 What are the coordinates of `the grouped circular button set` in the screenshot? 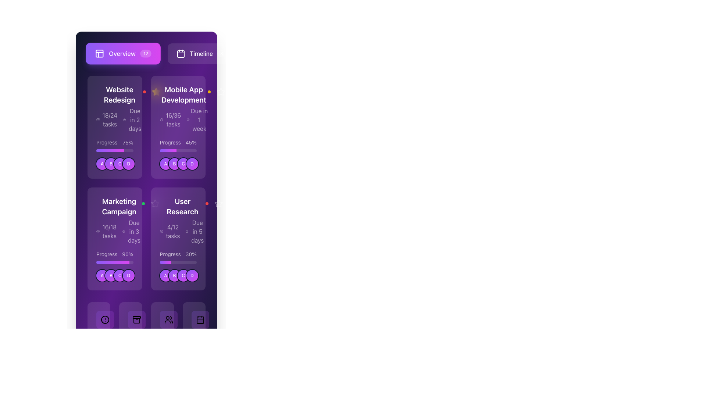 It's located at (179, 164).